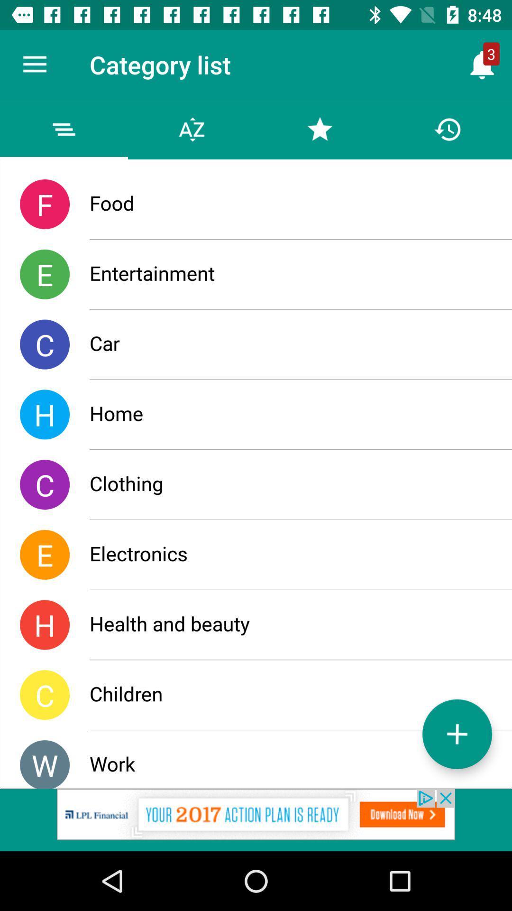  What do you see at coordinates (457, 734) in the screenshot?
I see `the add icon` at bounding box center [457, 734].